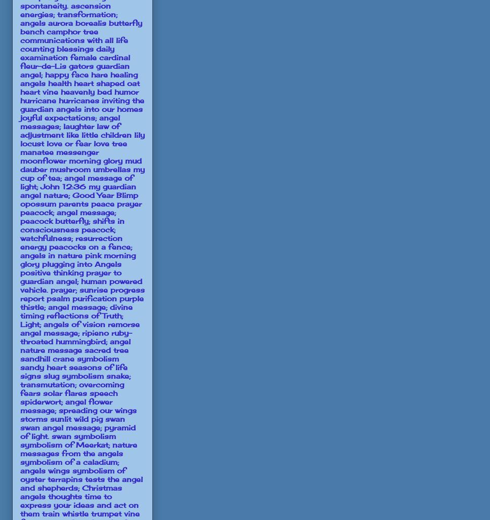 The width and height of the screenshot is (490, 520). What do you see at coordinates (80, 280) in the screenshot?
I see `'prayer to guardian angel; human powered vehicle.'` at bounding box center [80, 280].